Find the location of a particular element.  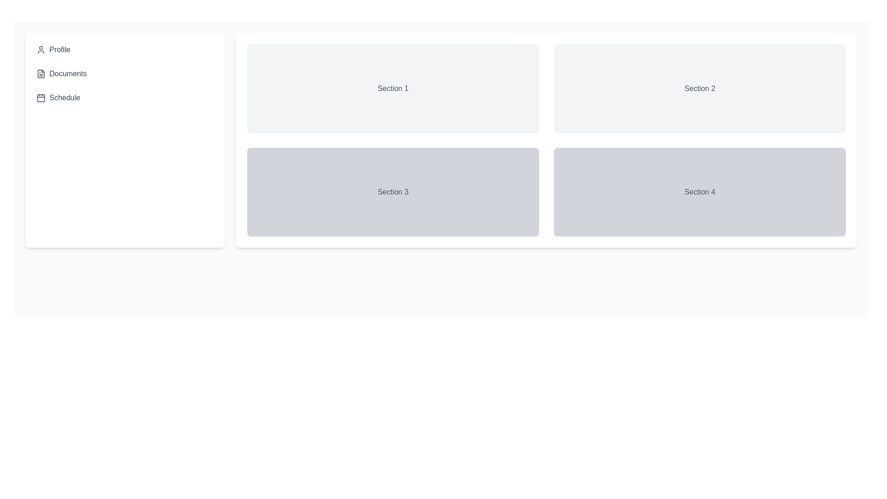

the 'Documents' menu item, which is the second item in the left sidebar located between 'Profile' and 'Schedule', to change the background color is located at coordinates (124, 73).